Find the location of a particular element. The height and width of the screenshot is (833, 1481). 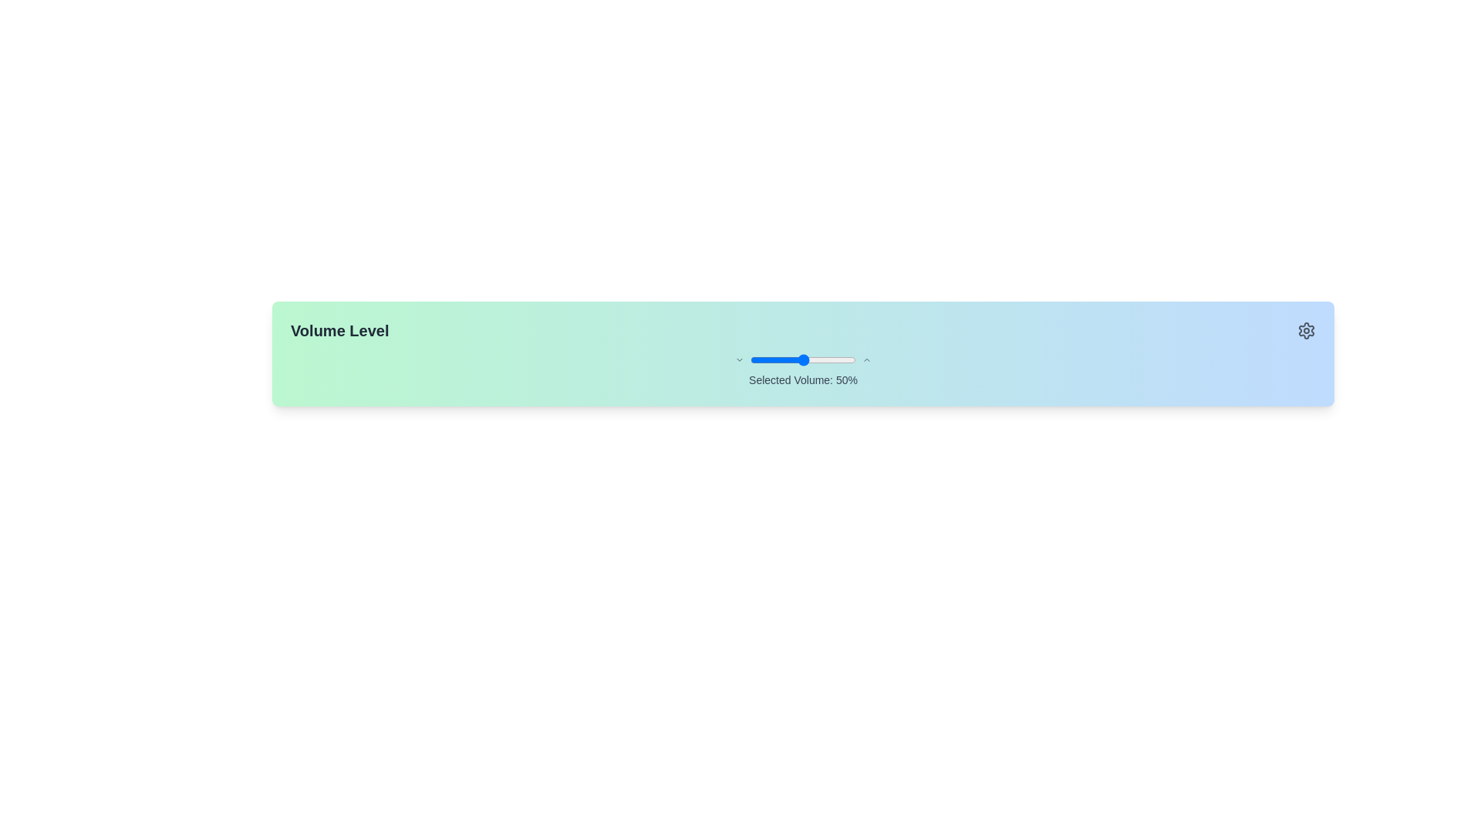

the slider value is located at coordinates (825, 359).